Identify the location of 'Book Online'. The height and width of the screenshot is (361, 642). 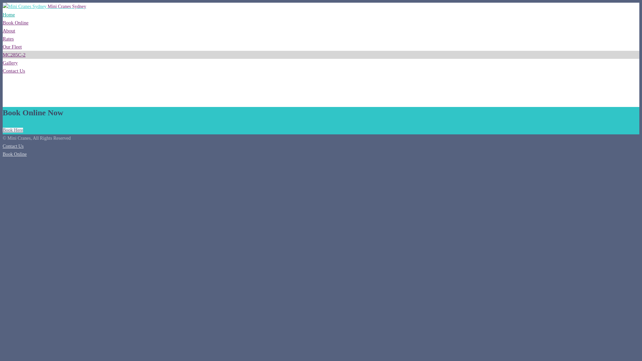
(14, 154).